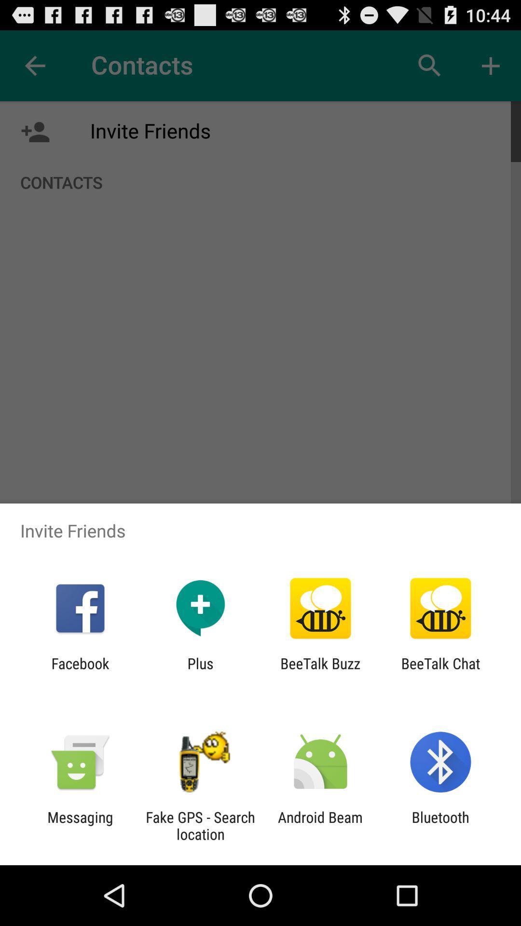  Describe the element at coordinates (80, 671) in the screenshot. I see `the item next to the plus app` at that location.